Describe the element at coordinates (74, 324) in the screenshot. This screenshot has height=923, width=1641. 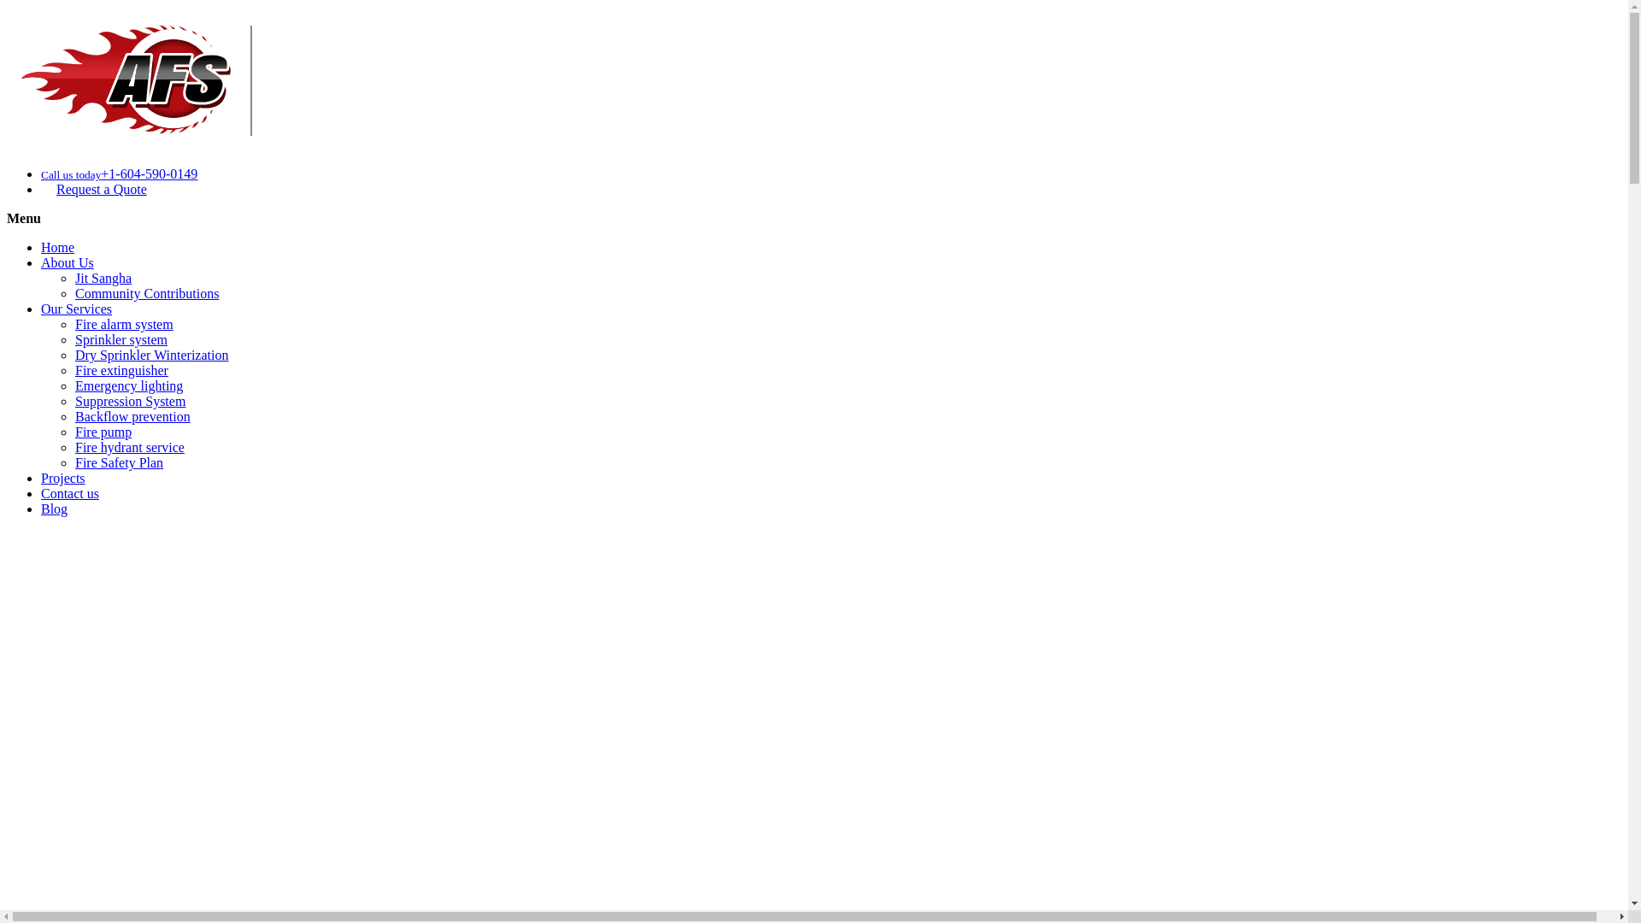
I see `'Fire alarm system'` at that location.